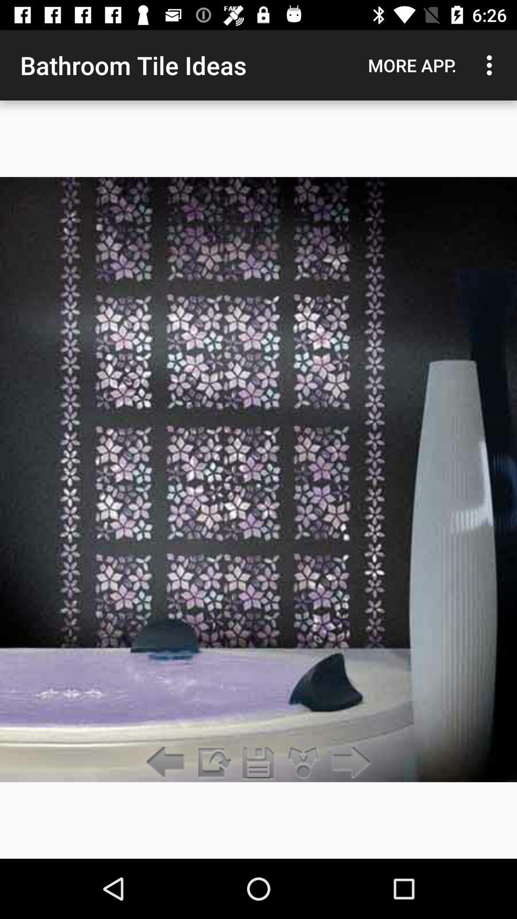  I want to click on next arrow, so click(349, 762).